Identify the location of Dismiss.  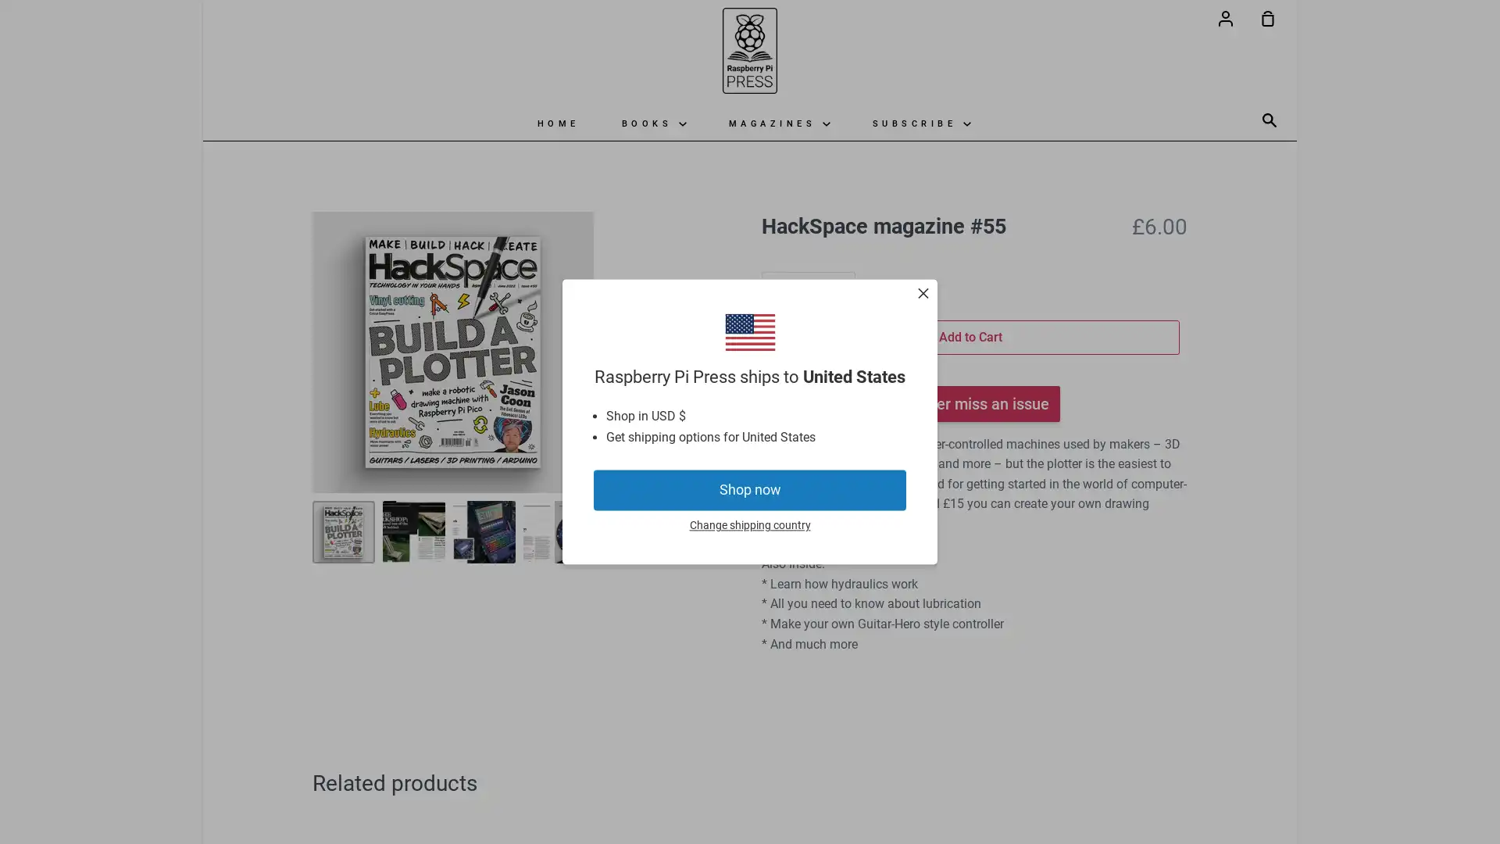
(923, 295).